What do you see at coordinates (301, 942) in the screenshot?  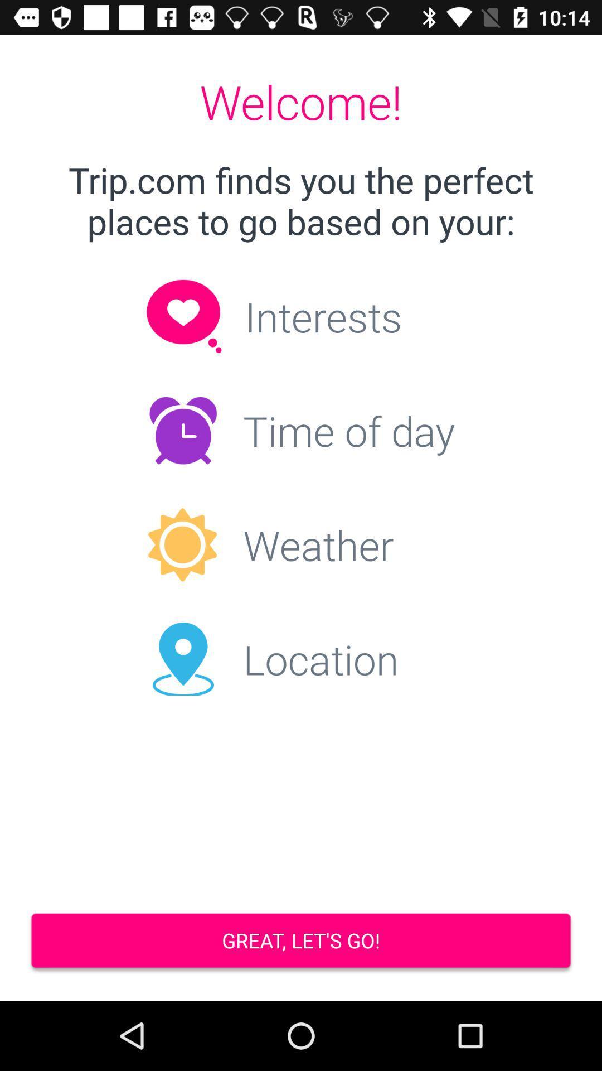 I see `great let s` at bounding box center [301, 942].